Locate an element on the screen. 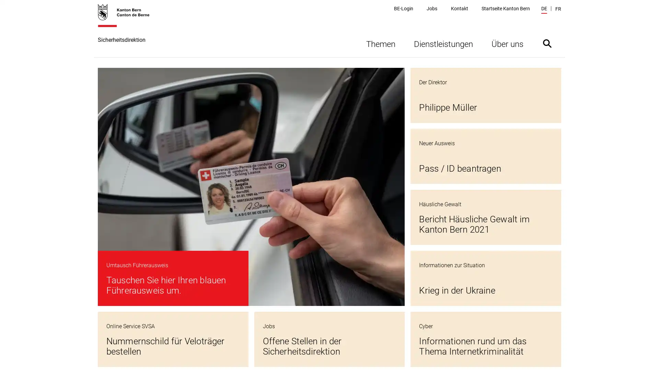  Uber uns is located at coordinates (507, 44).